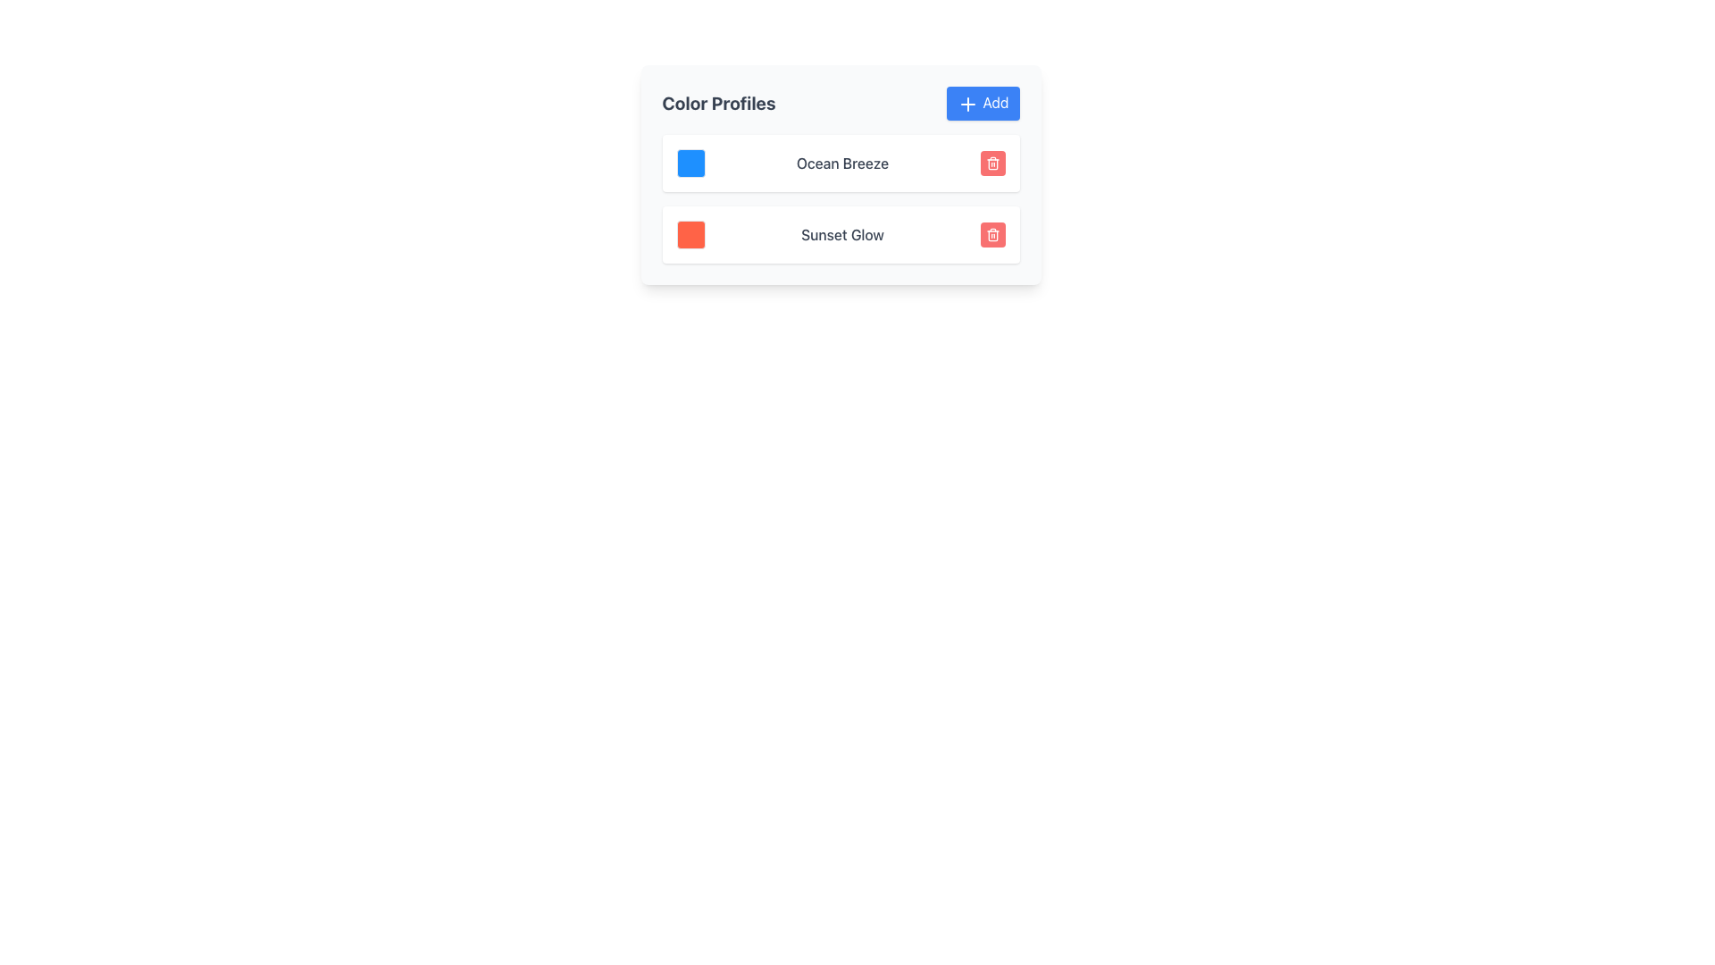 The image size is (1715, 965). I want to click on the color represented by the Color indicator in the 'Sunset Glow' section, which is the first element in its row, so click(690, 233).